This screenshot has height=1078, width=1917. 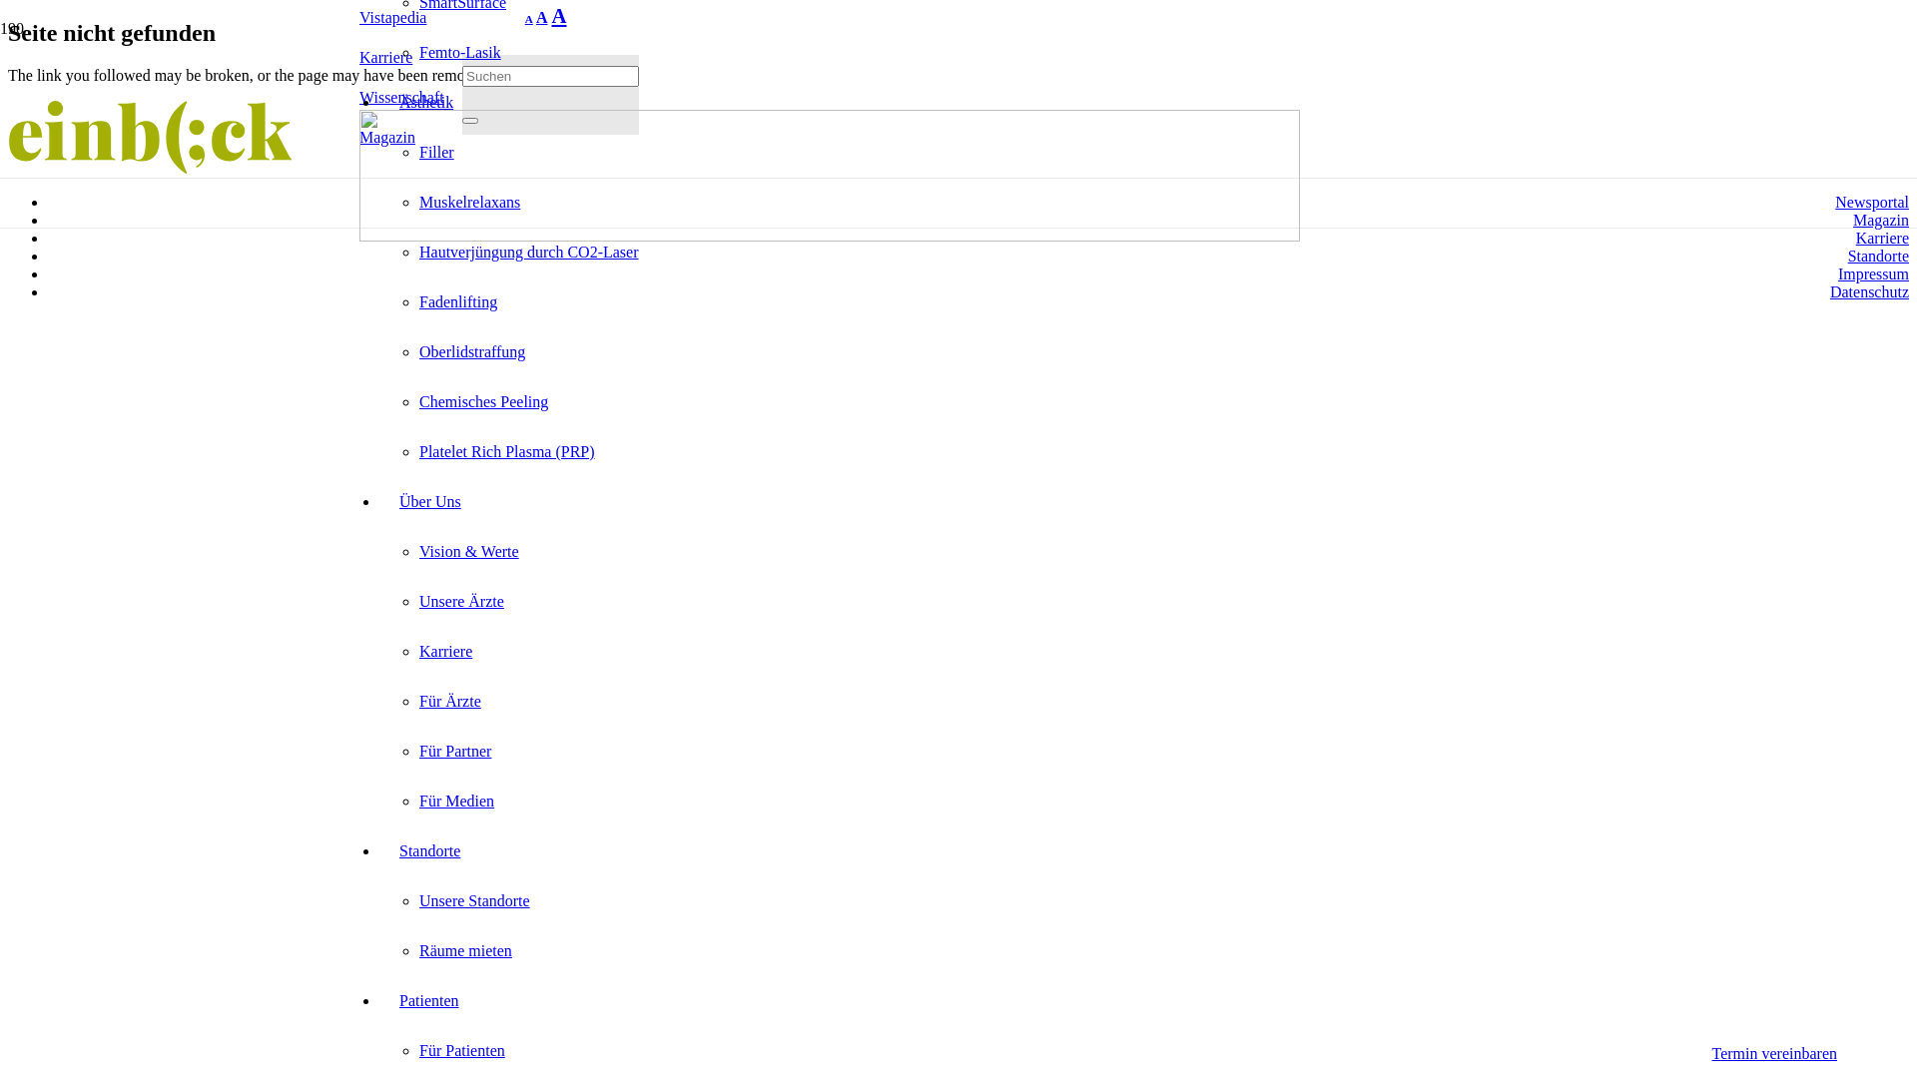 What do you see at coordinates (1835, 202) in the screenshot?
I see `'Newsportal'` at bounding box center [1835, 202].